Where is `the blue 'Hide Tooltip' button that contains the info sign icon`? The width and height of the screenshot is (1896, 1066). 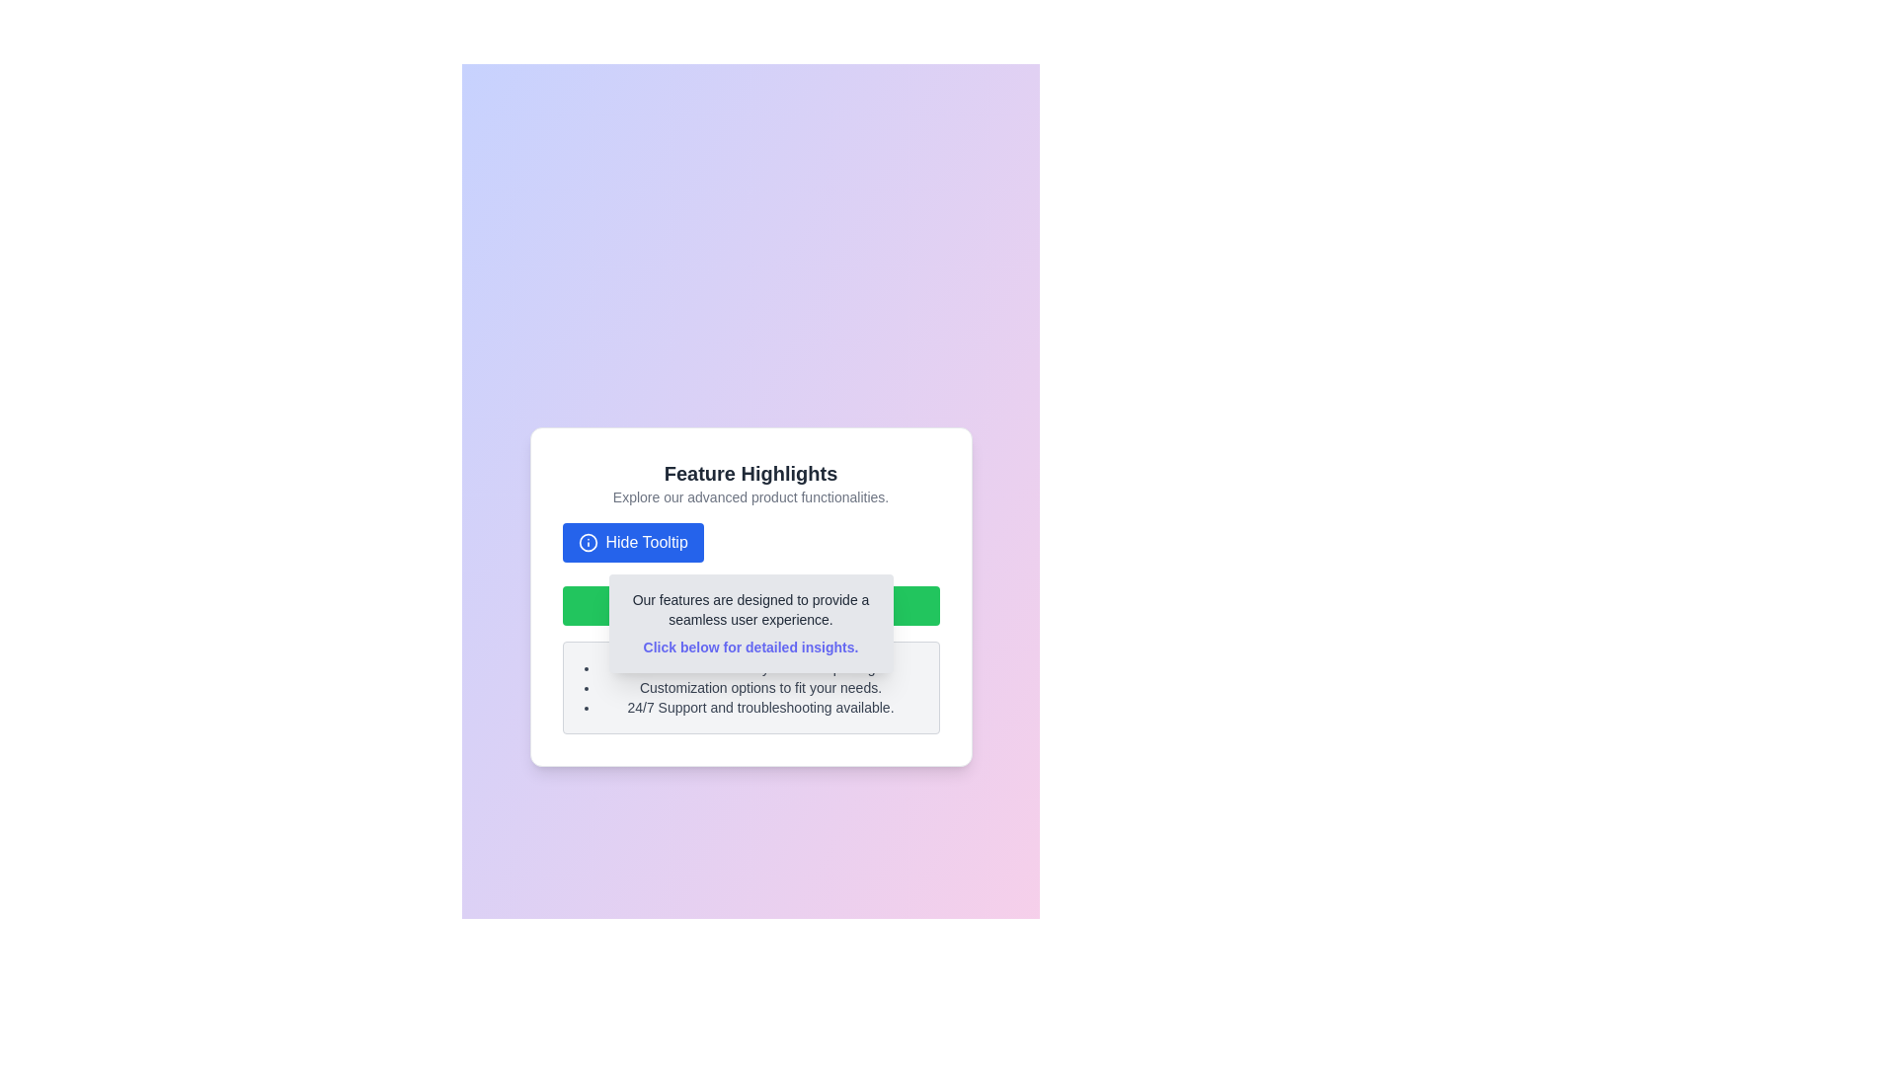
the blue 'Hide Tooltip' button that contains the info sign icon is located at coordinates (587, 543).